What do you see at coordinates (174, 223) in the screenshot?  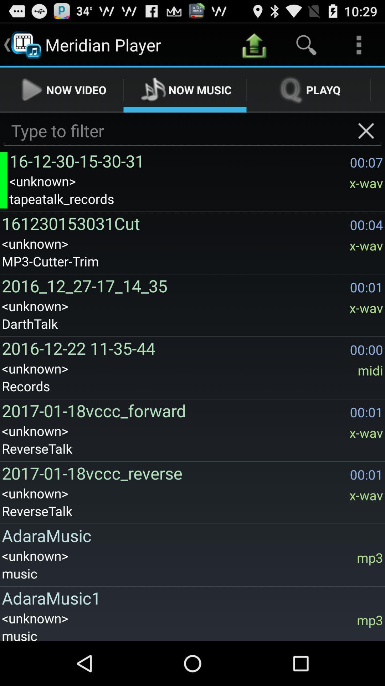 I see `161230153031cut app` at bounding box center [174, 223].